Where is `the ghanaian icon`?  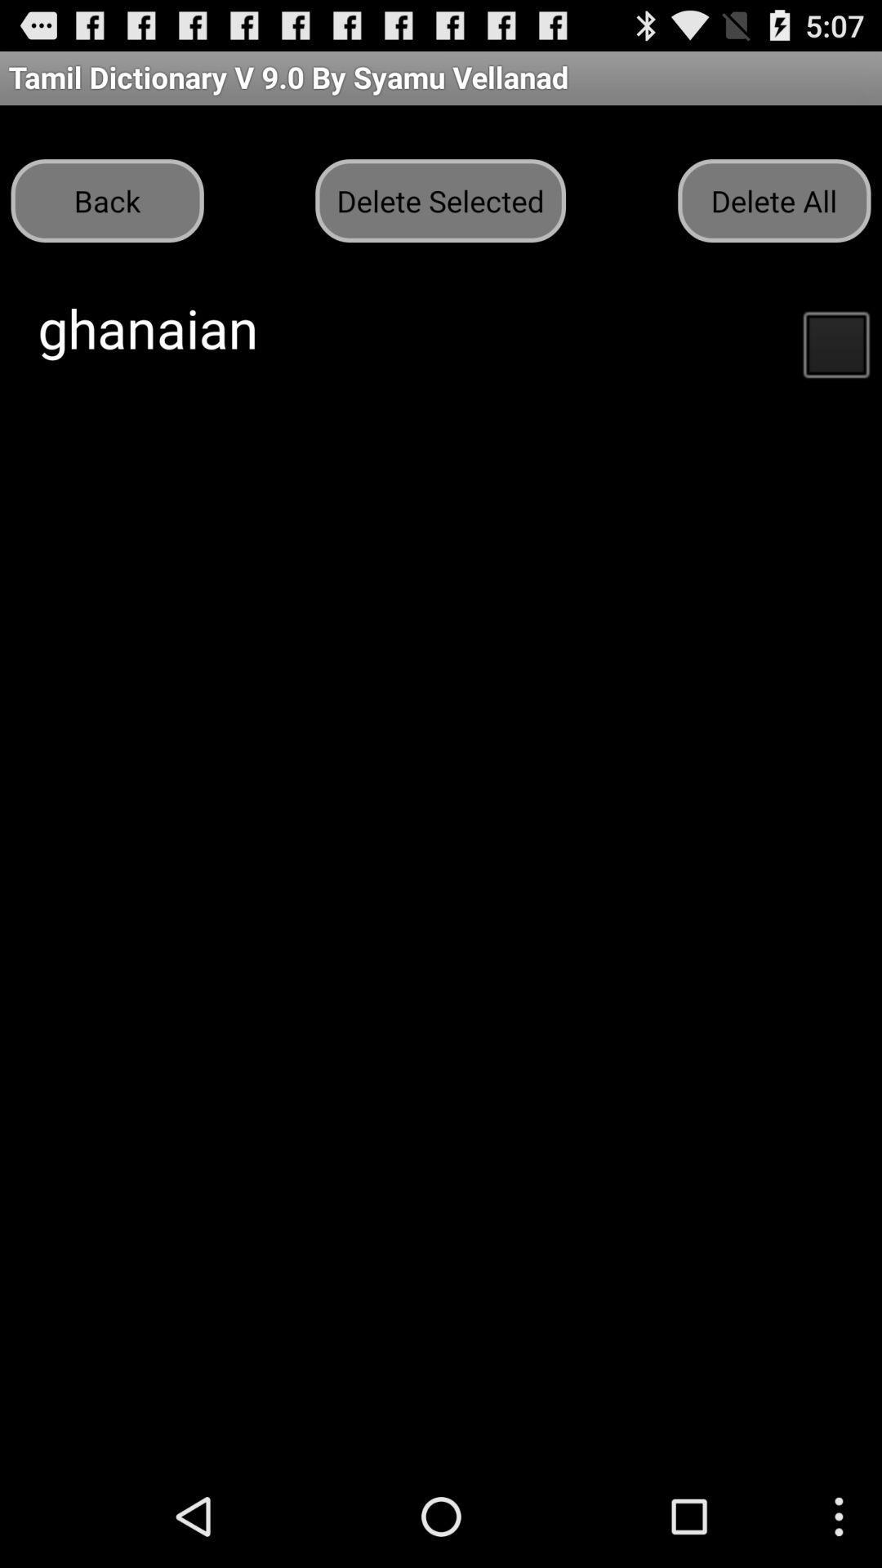 the ghanaian icon is located at coordinates (148, 327).